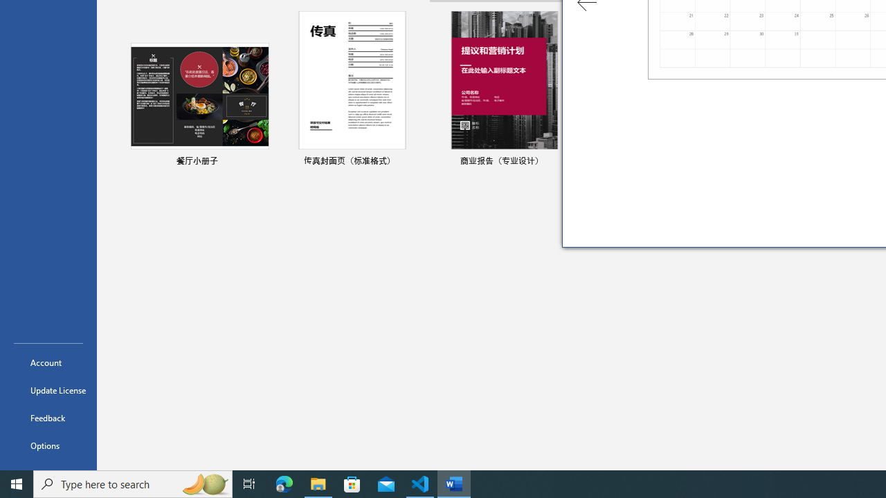 This screenshot has width=886, height=498. Describe the element at coordinates (284, 483) in the screenshot. I see `'Microsoft Edge'` at that location.